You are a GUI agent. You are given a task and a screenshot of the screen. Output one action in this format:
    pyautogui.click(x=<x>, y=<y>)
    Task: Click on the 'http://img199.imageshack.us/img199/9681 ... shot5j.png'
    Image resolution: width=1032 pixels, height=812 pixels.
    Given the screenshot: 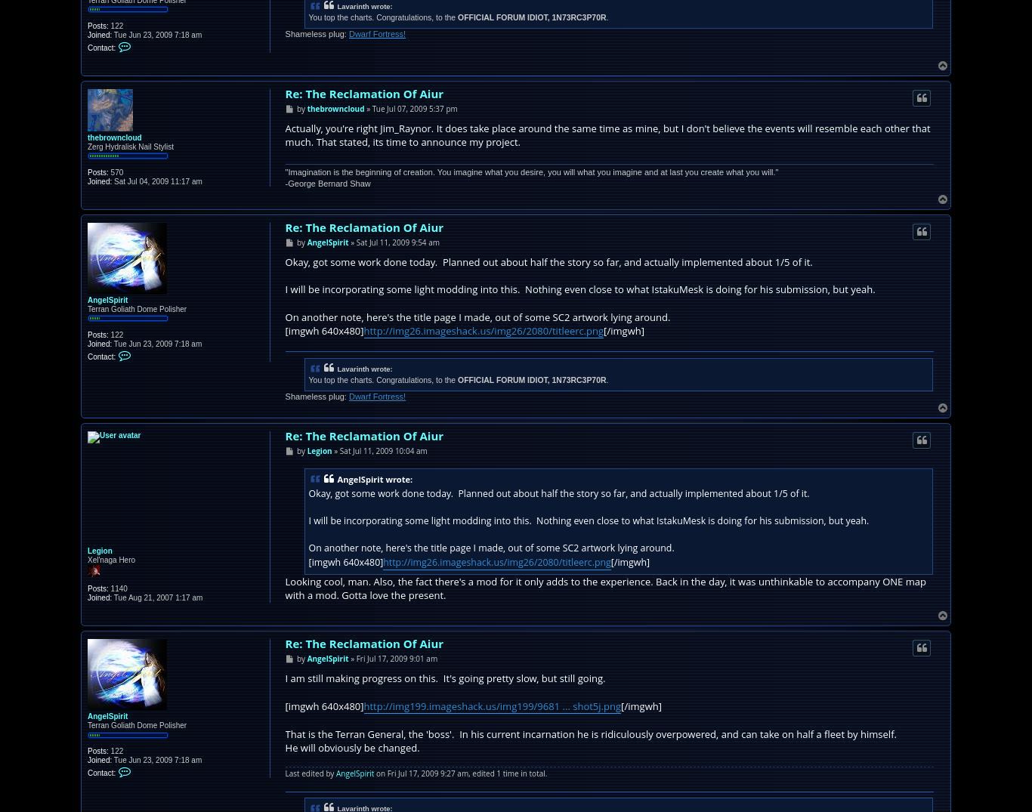 What is the action you would take?
    pyautogui.click(x=363, y=705)
    